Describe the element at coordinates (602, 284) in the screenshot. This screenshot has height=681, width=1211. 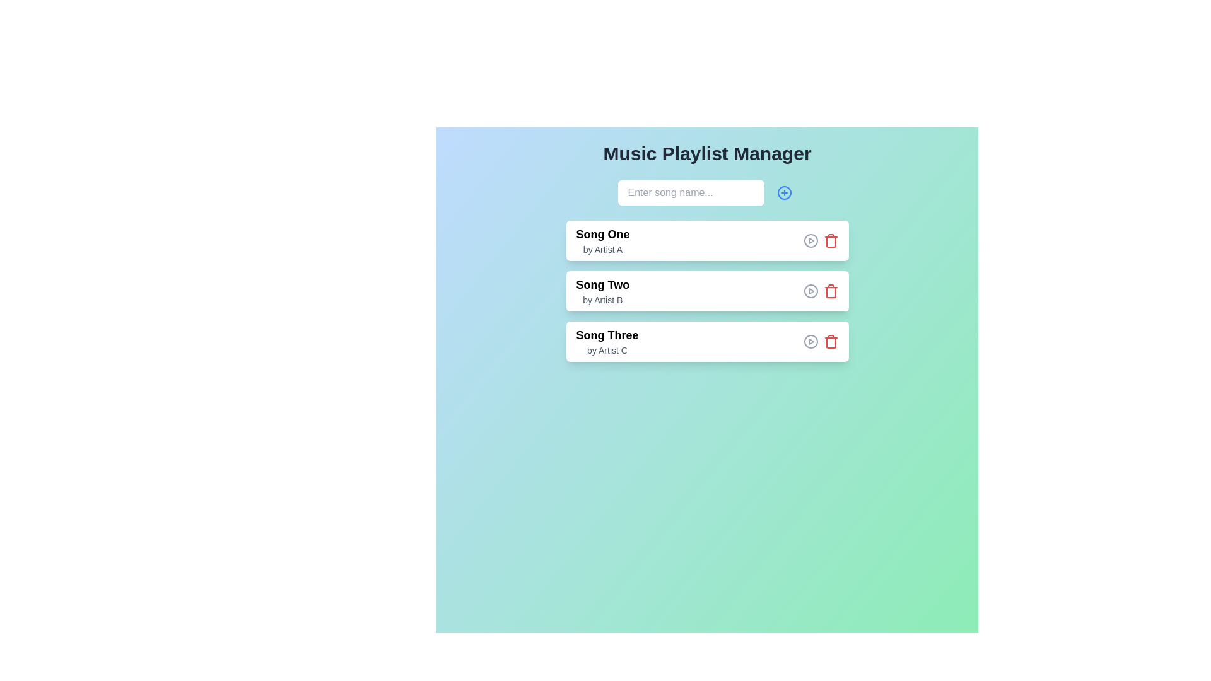
I see `text of the title label for the second song in the playlist management interface, which is positioned in the second row and aligned to the left` at that location.